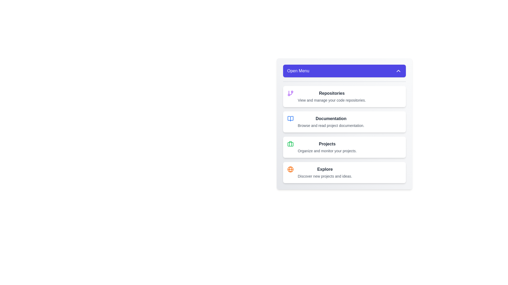 This screenshot has width=508, height=285. Describe the element at coordinates (344, 173) in the screenshot. I see `the Informational Card featuring an orange globe icon and the title 'Explore', which is the last option in the vertically stacked group of options` at that location.